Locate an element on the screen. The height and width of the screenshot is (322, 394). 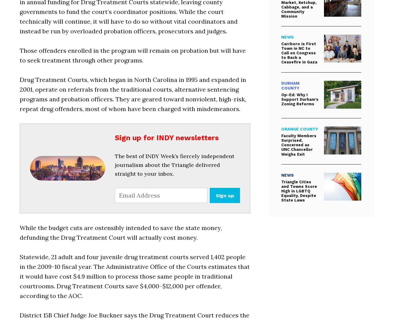
'Triangle Cities and Towns Score High in LGBTQ Equality, Despite State Laws' is located at coordinates (299, 190).